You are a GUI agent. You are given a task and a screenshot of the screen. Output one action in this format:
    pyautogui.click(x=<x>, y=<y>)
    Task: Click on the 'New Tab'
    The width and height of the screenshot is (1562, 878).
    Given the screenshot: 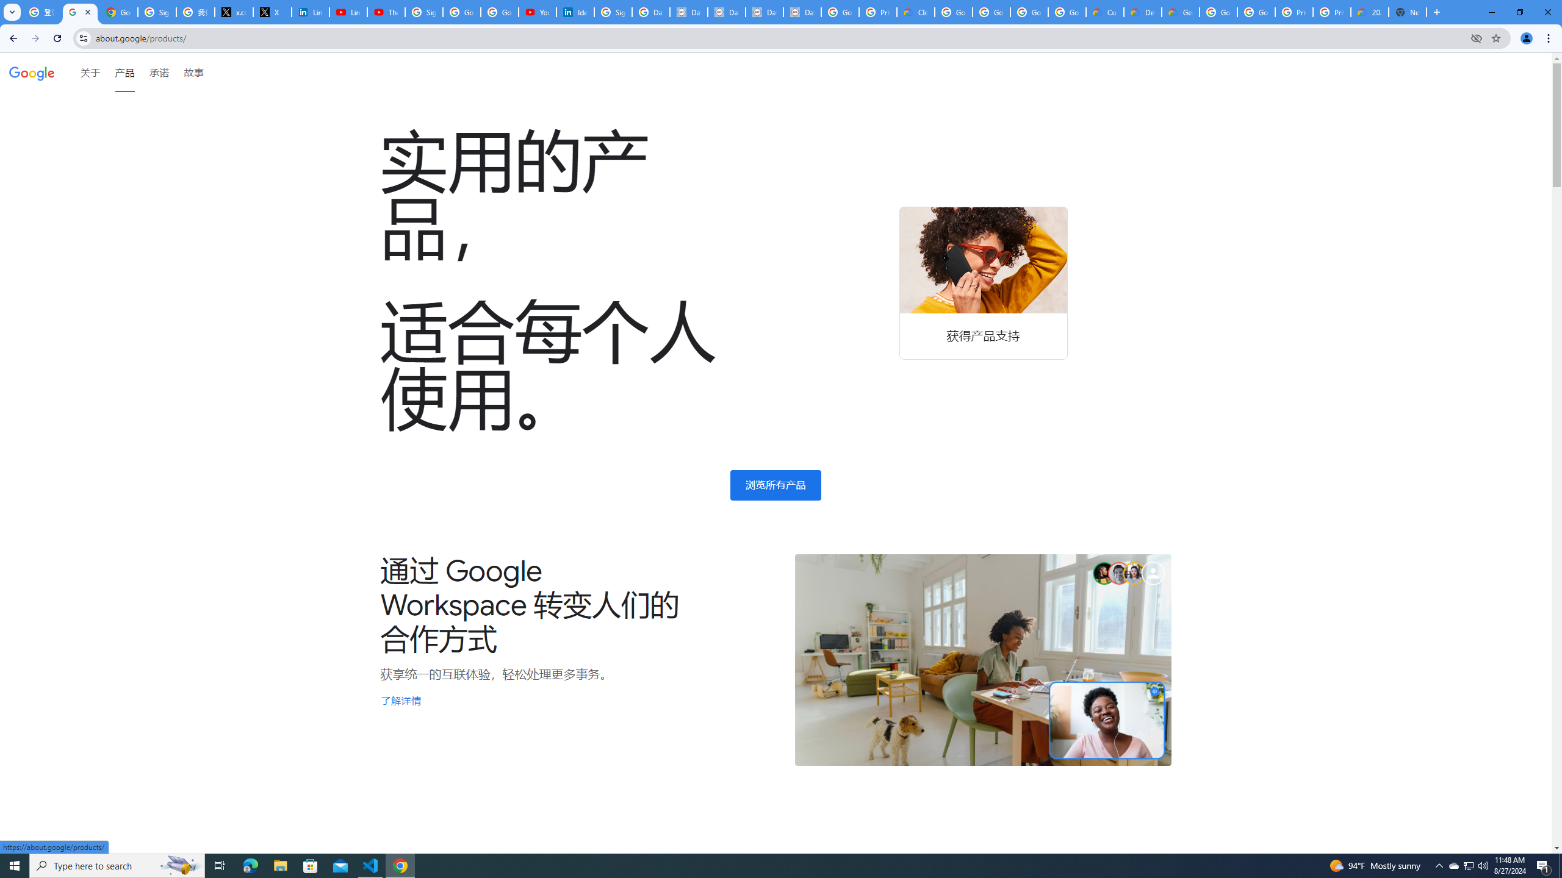 What is the action you would take?
    pyautogui.click(x=1408, y=12)
    